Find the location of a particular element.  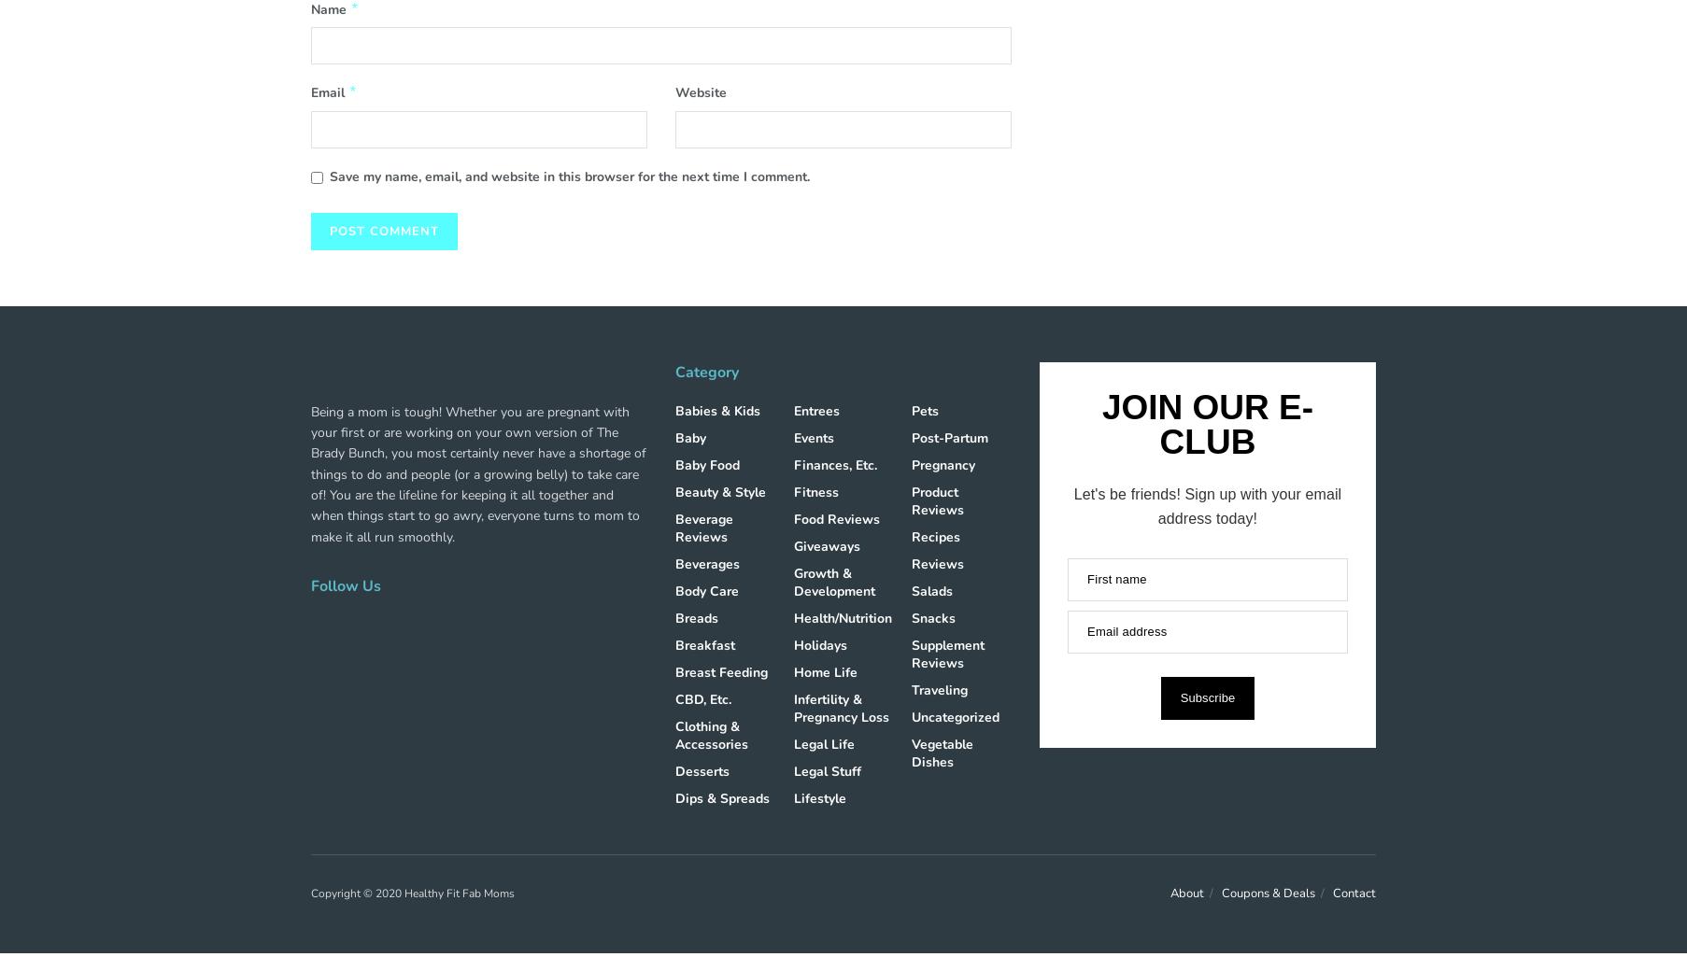

'Vegetable Dishes' is located at coordinates (911, 751).